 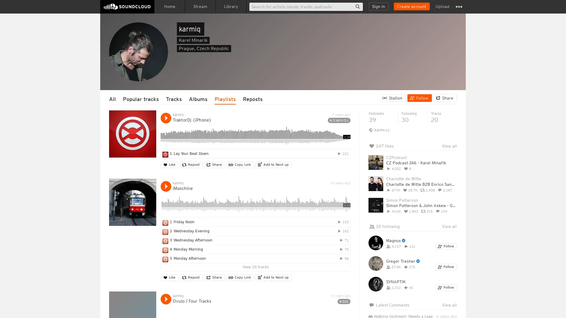 I want to click on Create a SoundCloud account, so click(x=411, y=6).